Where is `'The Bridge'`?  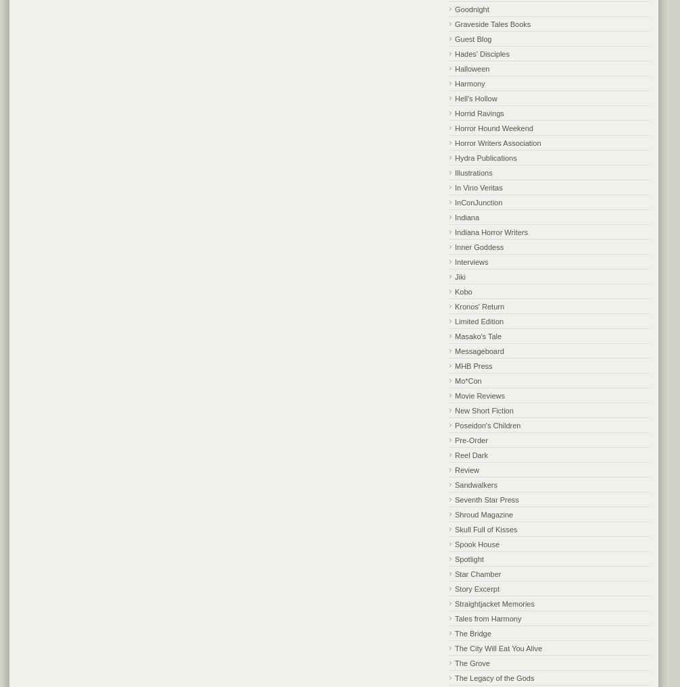 'The Bridge' is located at coordinates (472, 632).